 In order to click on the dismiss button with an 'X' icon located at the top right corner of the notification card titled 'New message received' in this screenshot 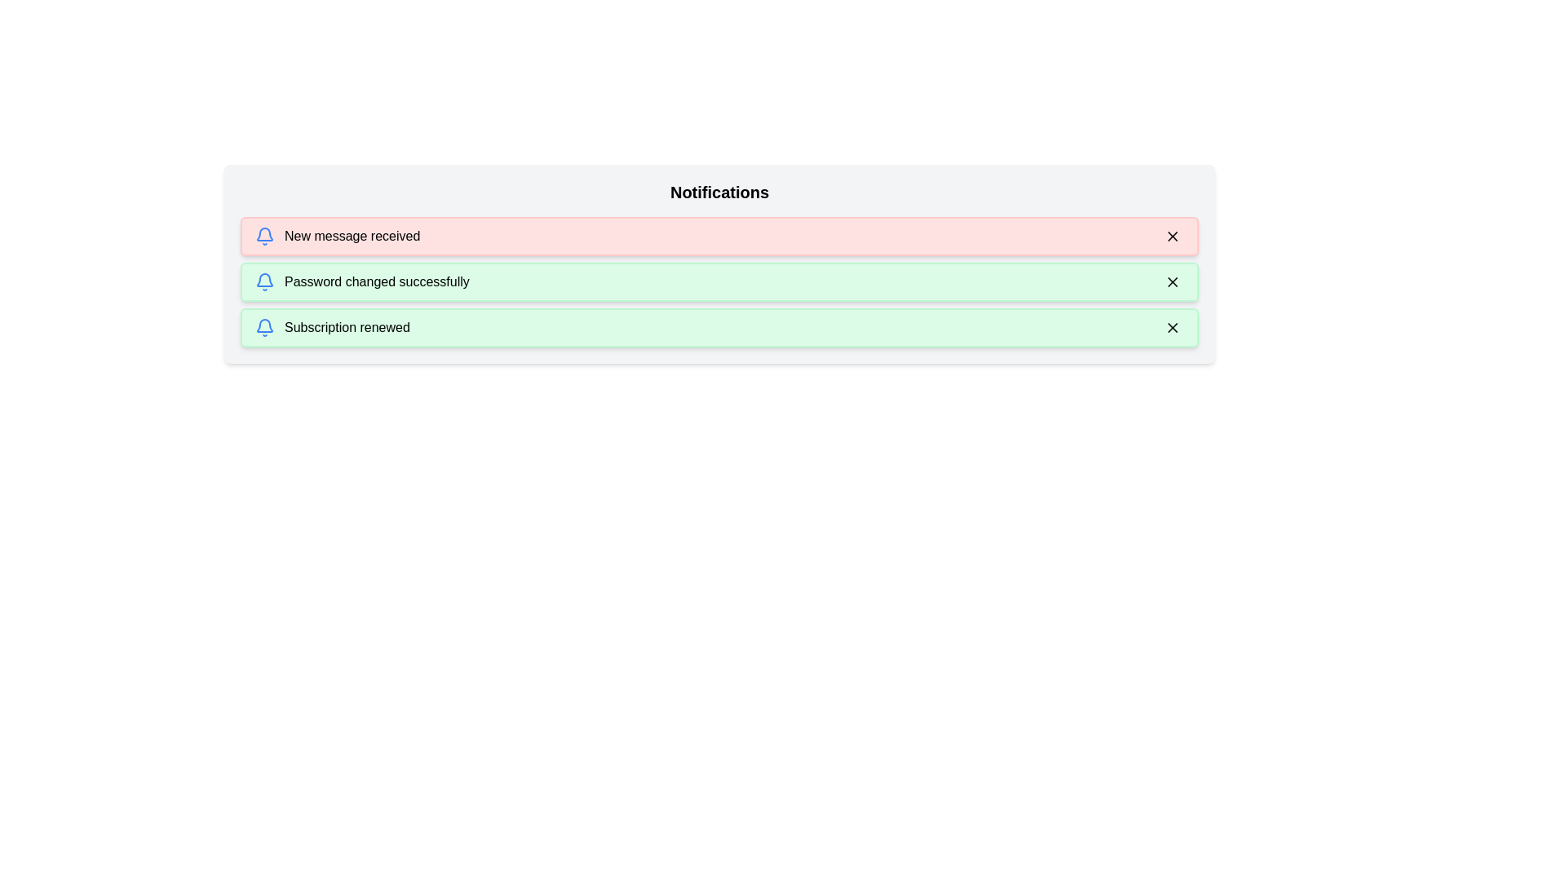, I will do `click(1172, 236)`.